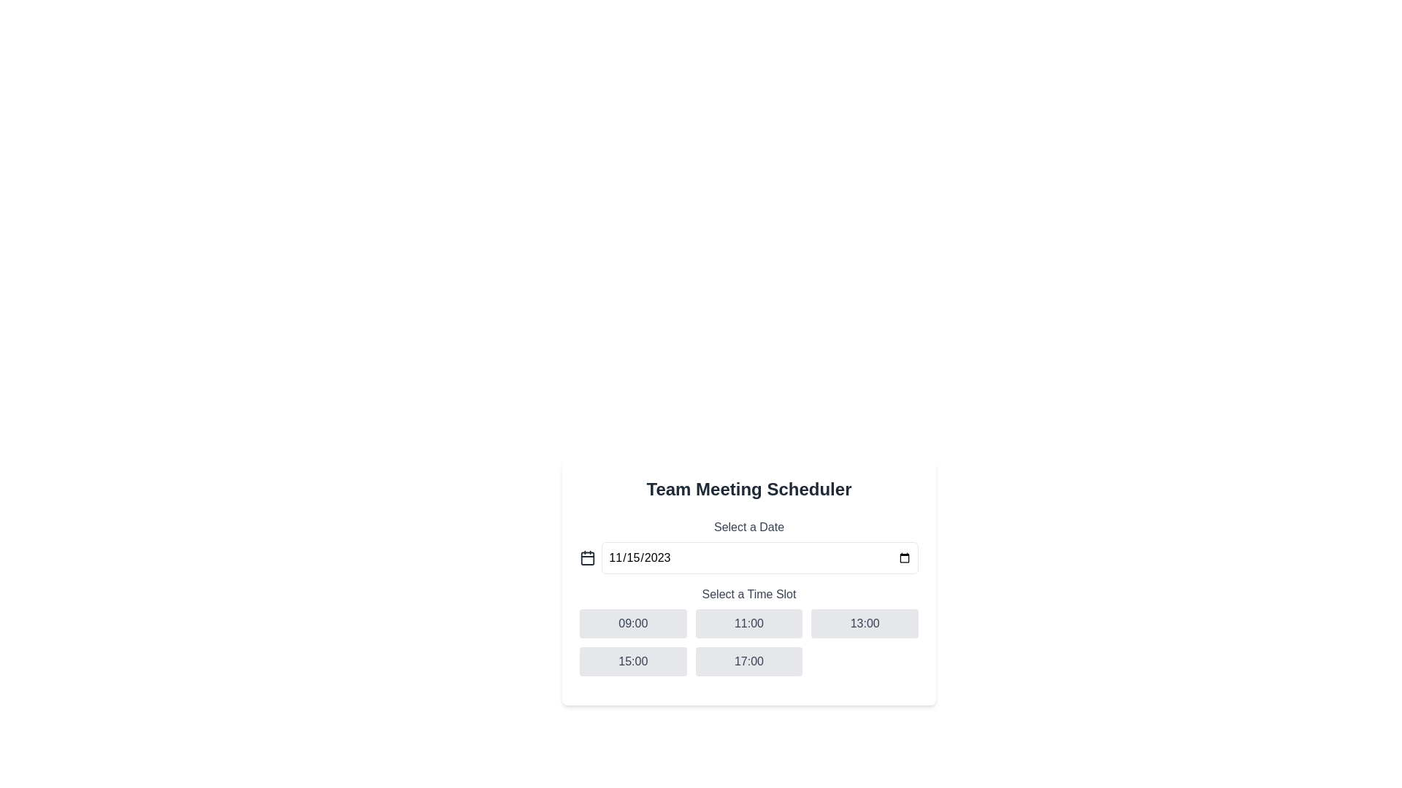 Image resolution: width=1402 pixels, height=788 pixels. Describe the element at coordinates (865, 624) in the screenshot. I see `the '13:00' time slot selection button, which is the third button in the first row of time slot options` at that location.